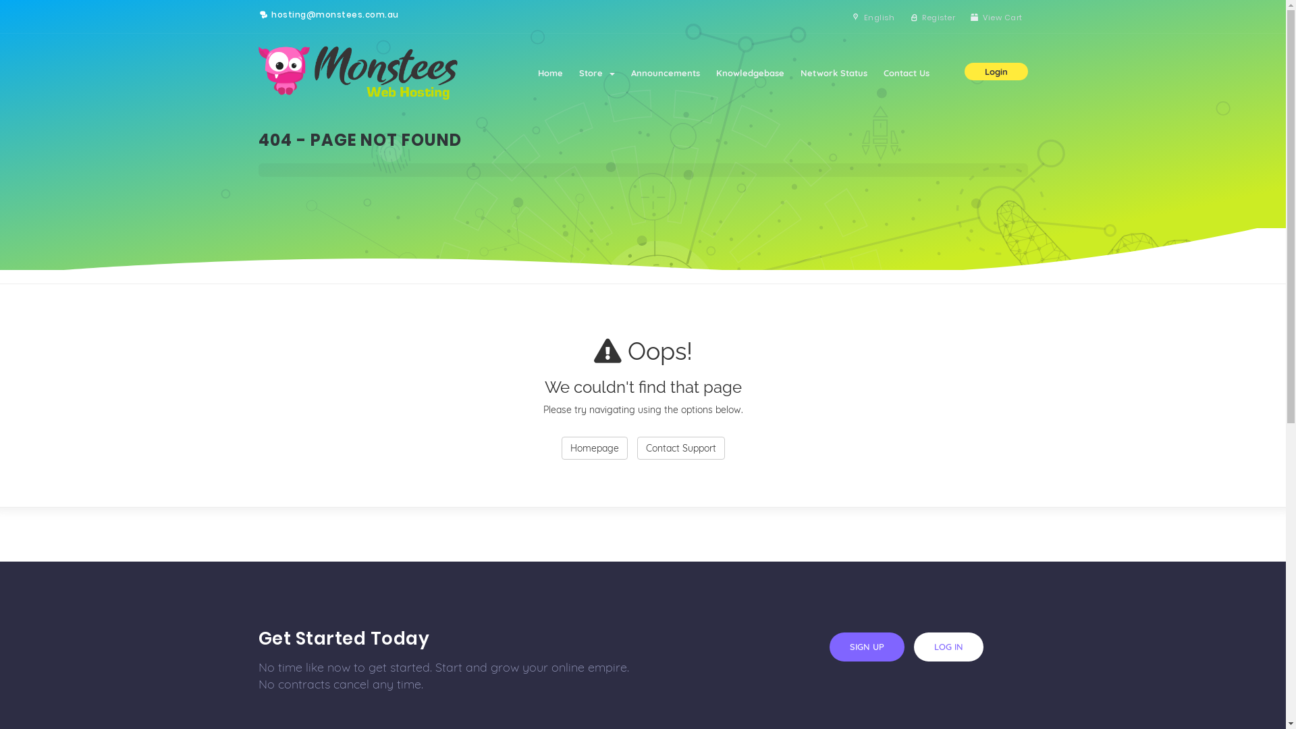  I want to click on 'English', so click(871, 18).